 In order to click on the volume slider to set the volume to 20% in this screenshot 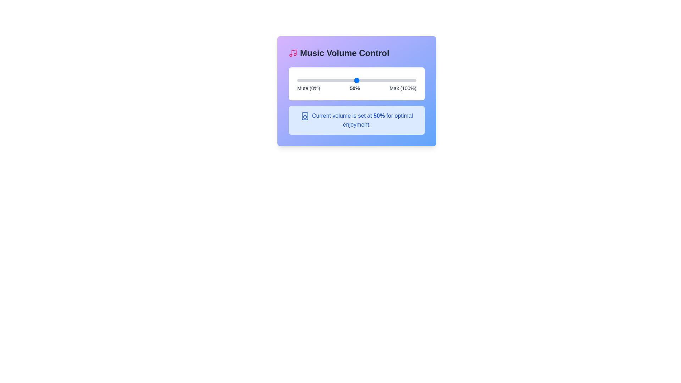, I will do `click(321, 80)`.